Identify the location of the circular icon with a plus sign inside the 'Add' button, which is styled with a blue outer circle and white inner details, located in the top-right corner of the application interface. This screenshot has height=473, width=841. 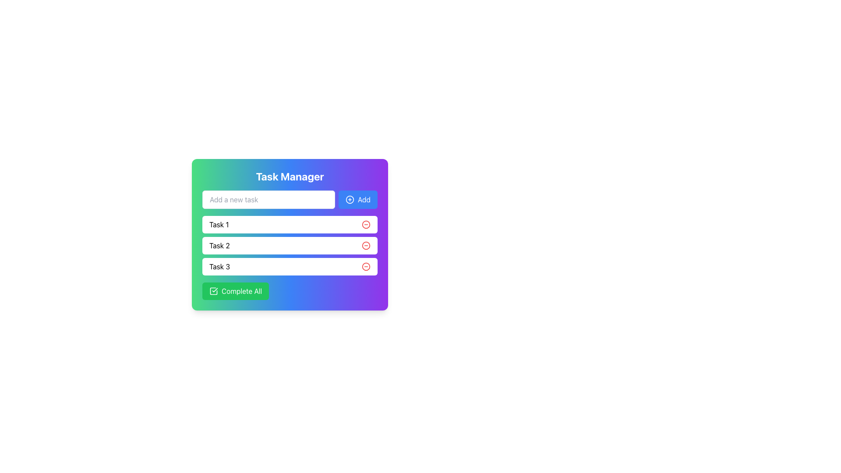
(349, 199).